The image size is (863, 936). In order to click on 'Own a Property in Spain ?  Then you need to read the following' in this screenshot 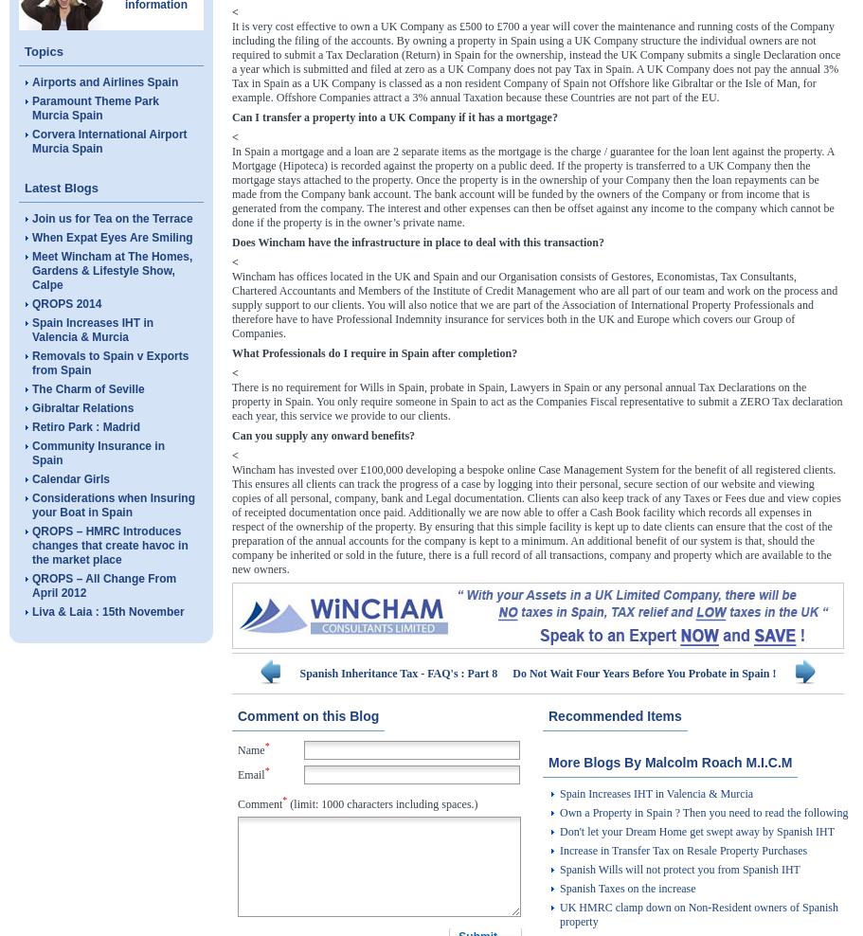, I will do `click(703, 812)`.